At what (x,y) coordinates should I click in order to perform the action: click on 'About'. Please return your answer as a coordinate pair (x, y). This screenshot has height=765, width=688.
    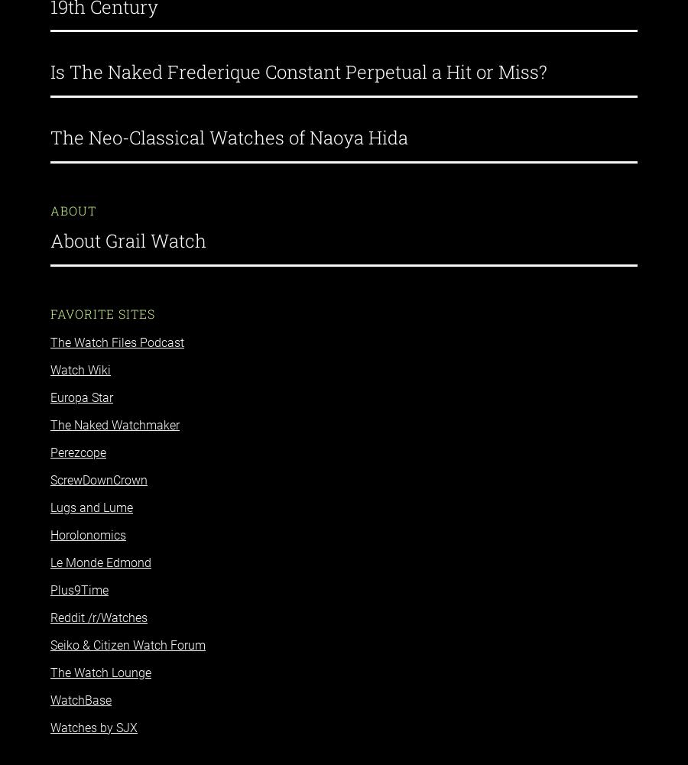
    Looking at the image, I should click on (73, 196).